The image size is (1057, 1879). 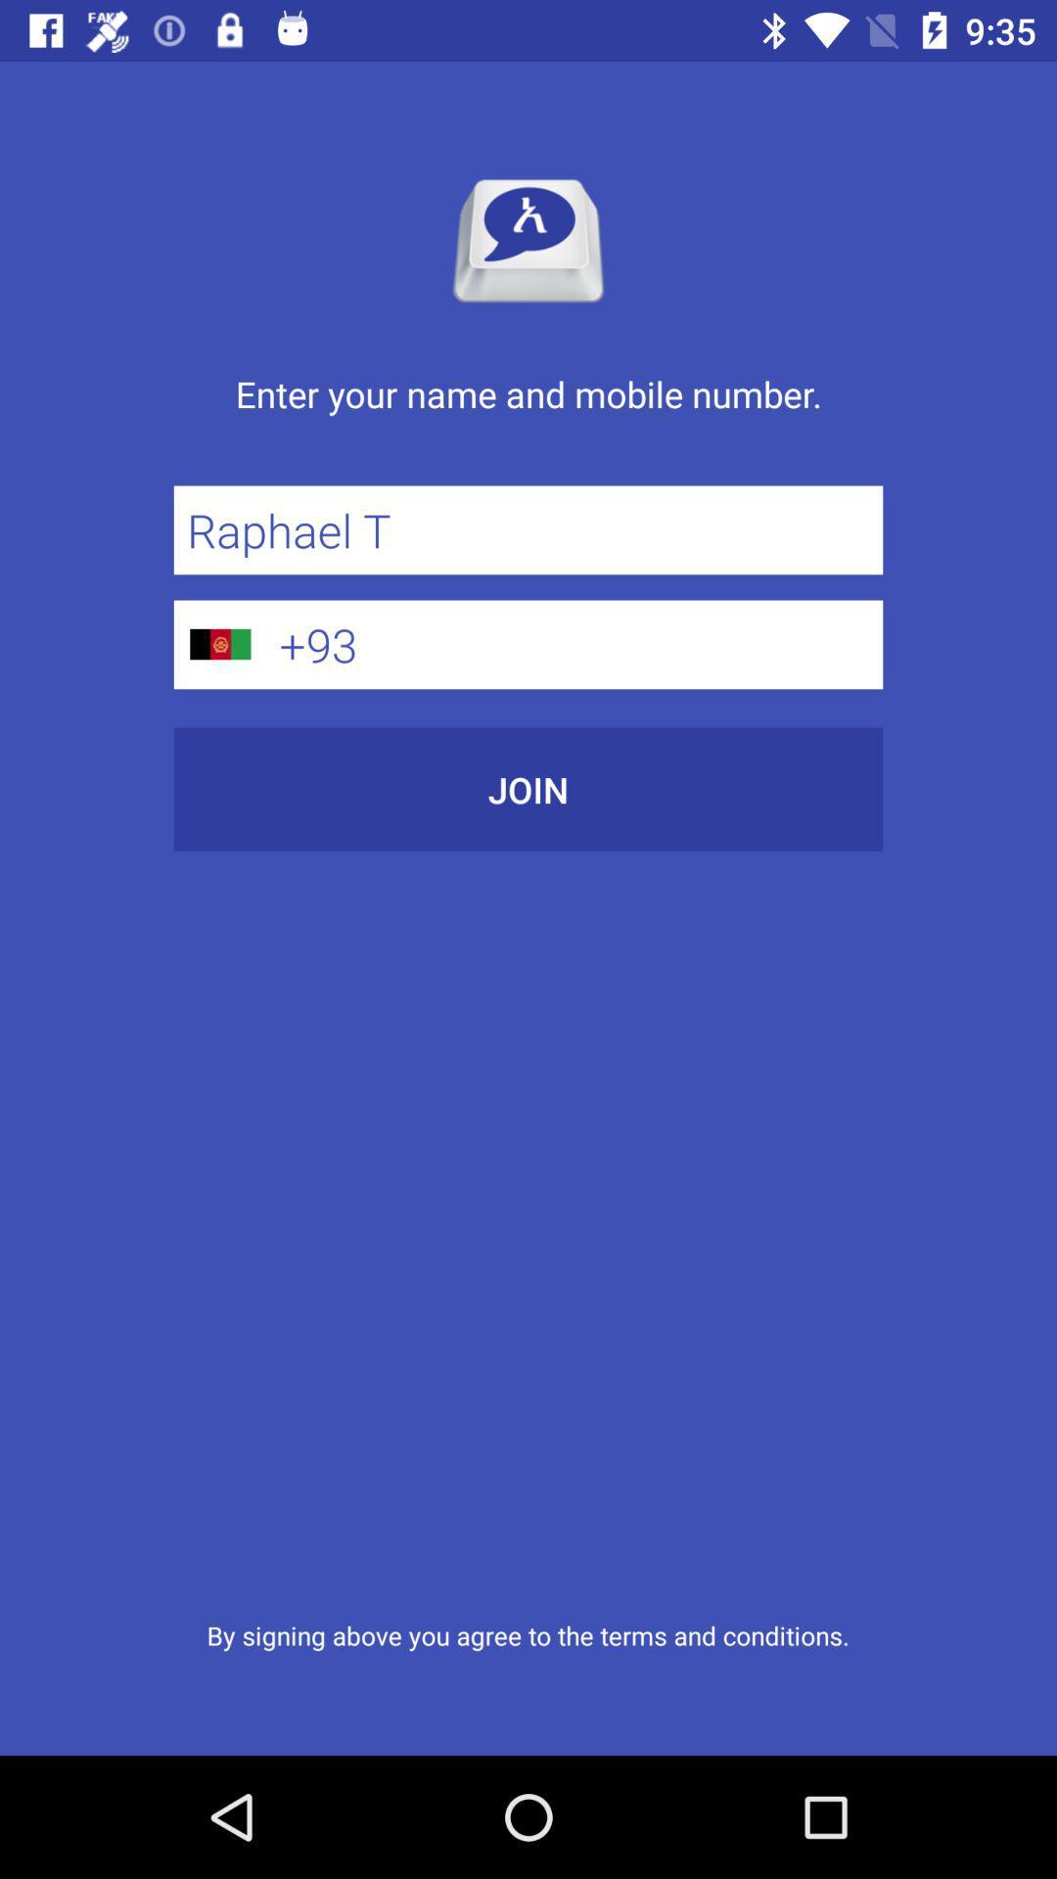 What do you see at coordinates (527, 1635) in the screenshot?
I see `icon below join icon` at bounding box center [527, 1635].